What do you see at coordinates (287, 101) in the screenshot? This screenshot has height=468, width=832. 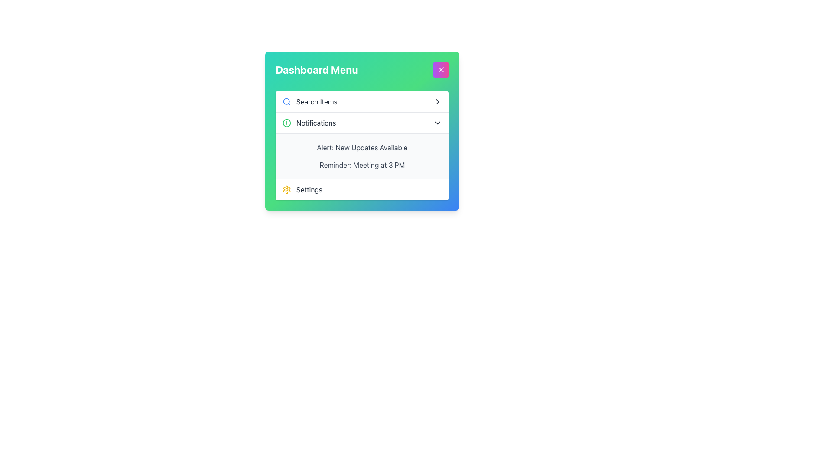 I see `the search icon located to the far left of the 'Search Items' menu item in the 'Dashboard Menu' panel` at bounding box center [287, 101].